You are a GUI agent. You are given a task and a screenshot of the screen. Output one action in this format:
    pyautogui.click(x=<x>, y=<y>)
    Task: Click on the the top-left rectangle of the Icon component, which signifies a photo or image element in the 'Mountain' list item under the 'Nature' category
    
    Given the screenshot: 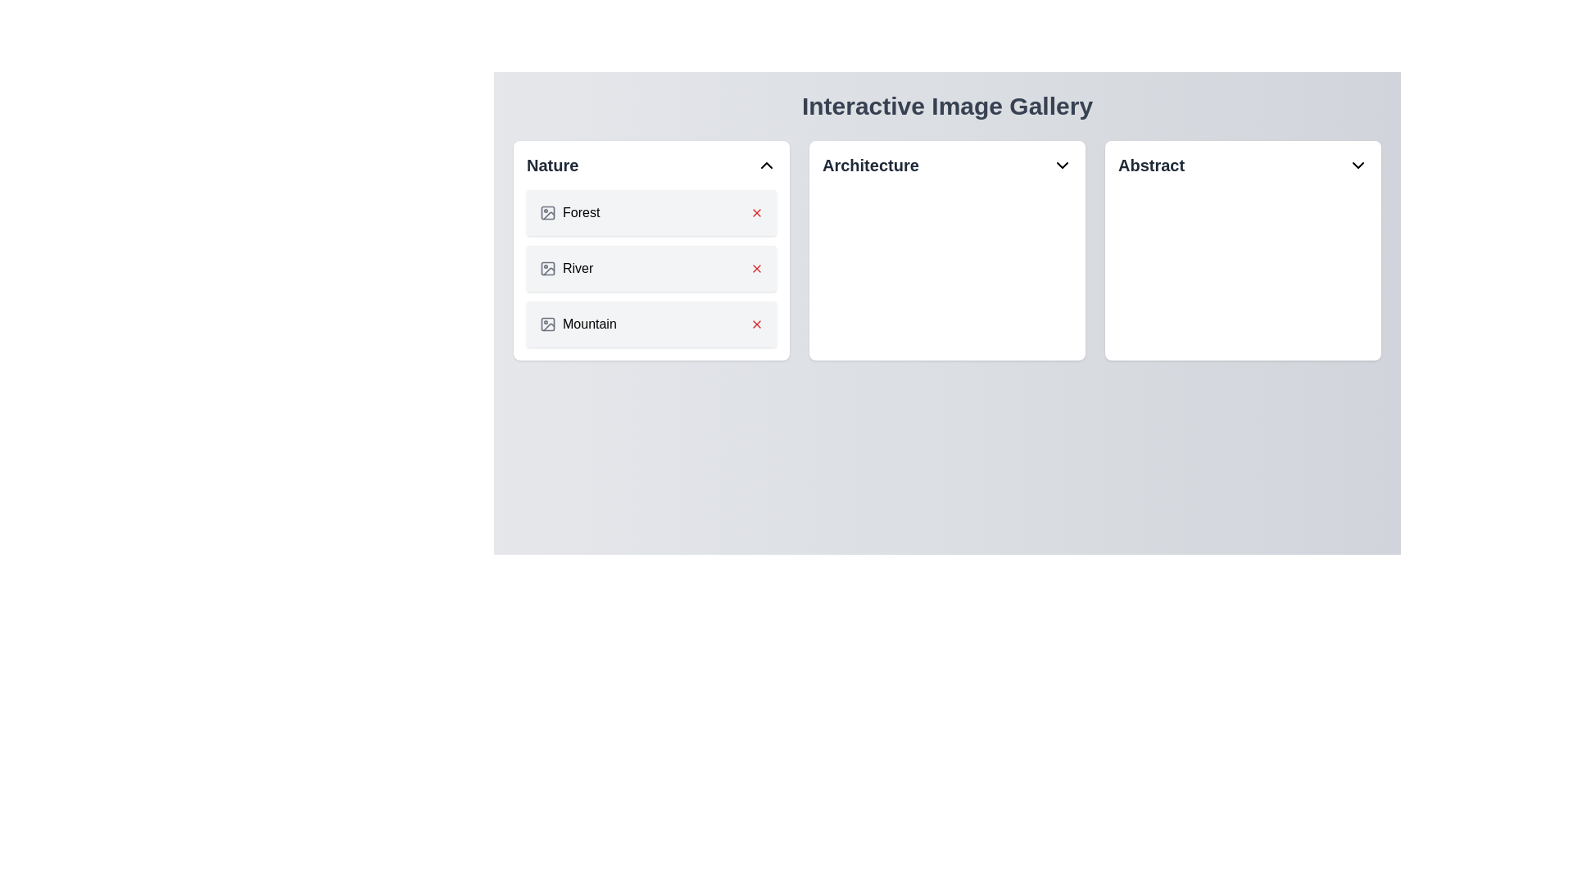 What is the action you would take?
    pyautogui.click(x=547, y=324)
    